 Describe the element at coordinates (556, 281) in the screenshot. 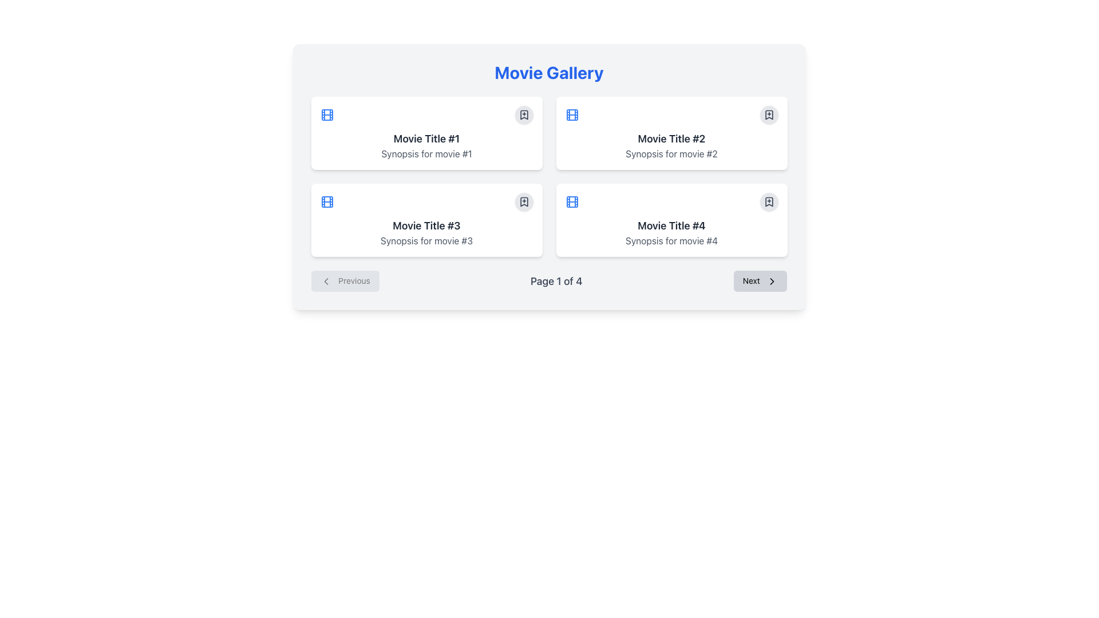

I see `the pagination label displaying 'Page 1 of 4', which is centrally located below the movie grid layout and surrounded by navigation buttons` at that location.